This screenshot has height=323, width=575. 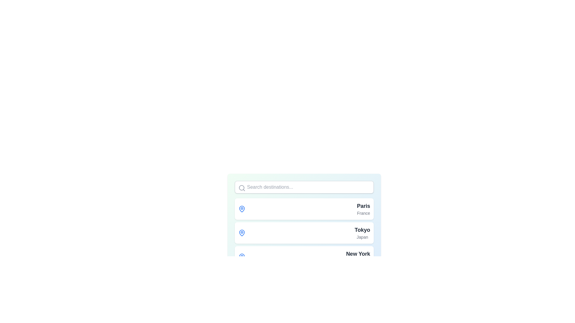 I want to click on the magnifying glass icon, which is a small circular element with a handle, located to the left of the search input field and overlaps with its left padding area, so click(x=242, y=188).